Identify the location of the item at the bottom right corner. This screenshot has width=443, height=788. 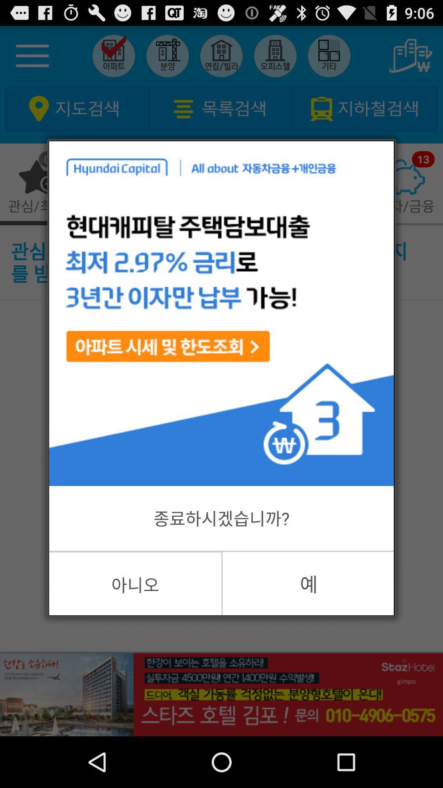
(308, 583).